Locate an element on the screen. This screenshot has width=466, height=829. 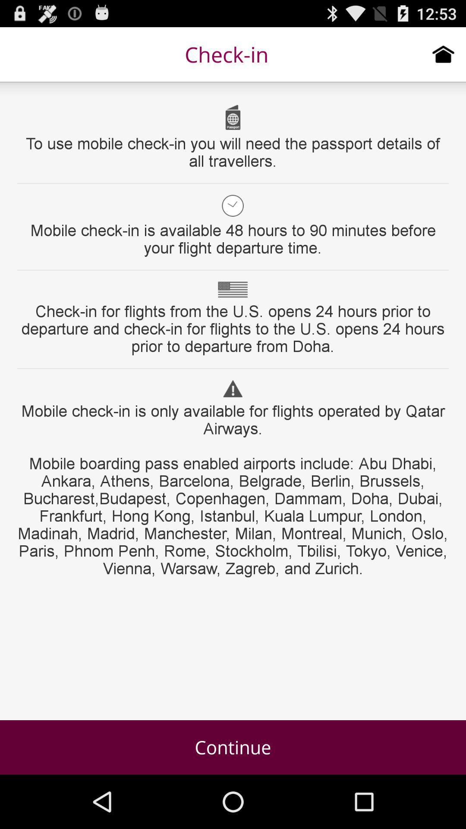
item at the top right corner is located at coordinates (443, 54).